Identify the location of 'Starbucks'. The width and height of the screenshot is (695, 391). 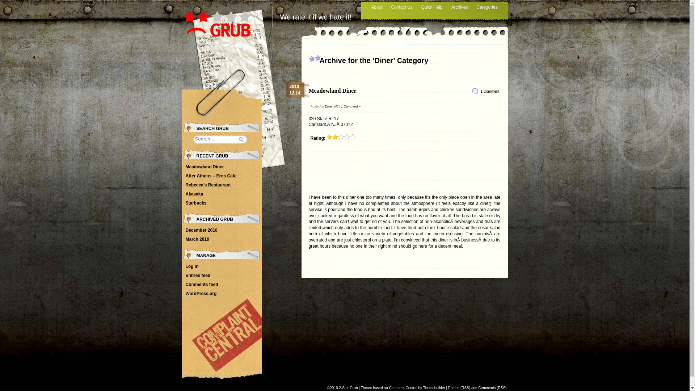
(185, 203).